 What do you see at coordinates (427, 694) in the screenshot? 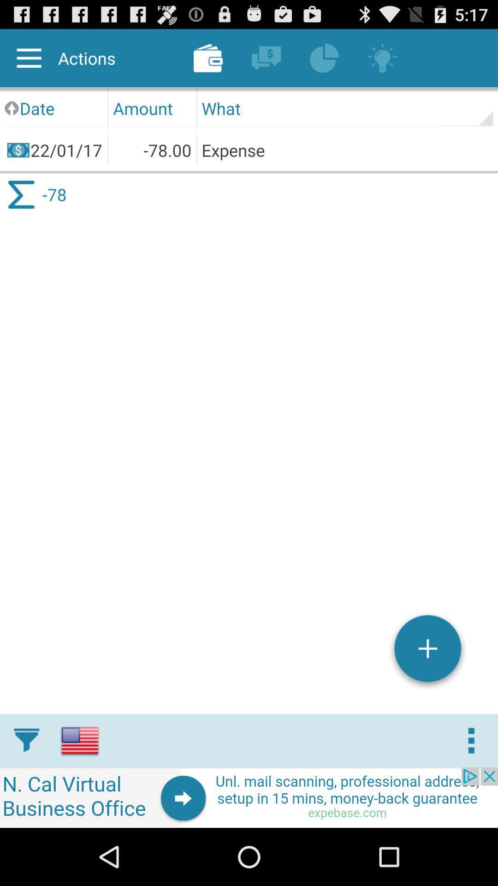
I see `the add icon` at bounding box center [427, 694].